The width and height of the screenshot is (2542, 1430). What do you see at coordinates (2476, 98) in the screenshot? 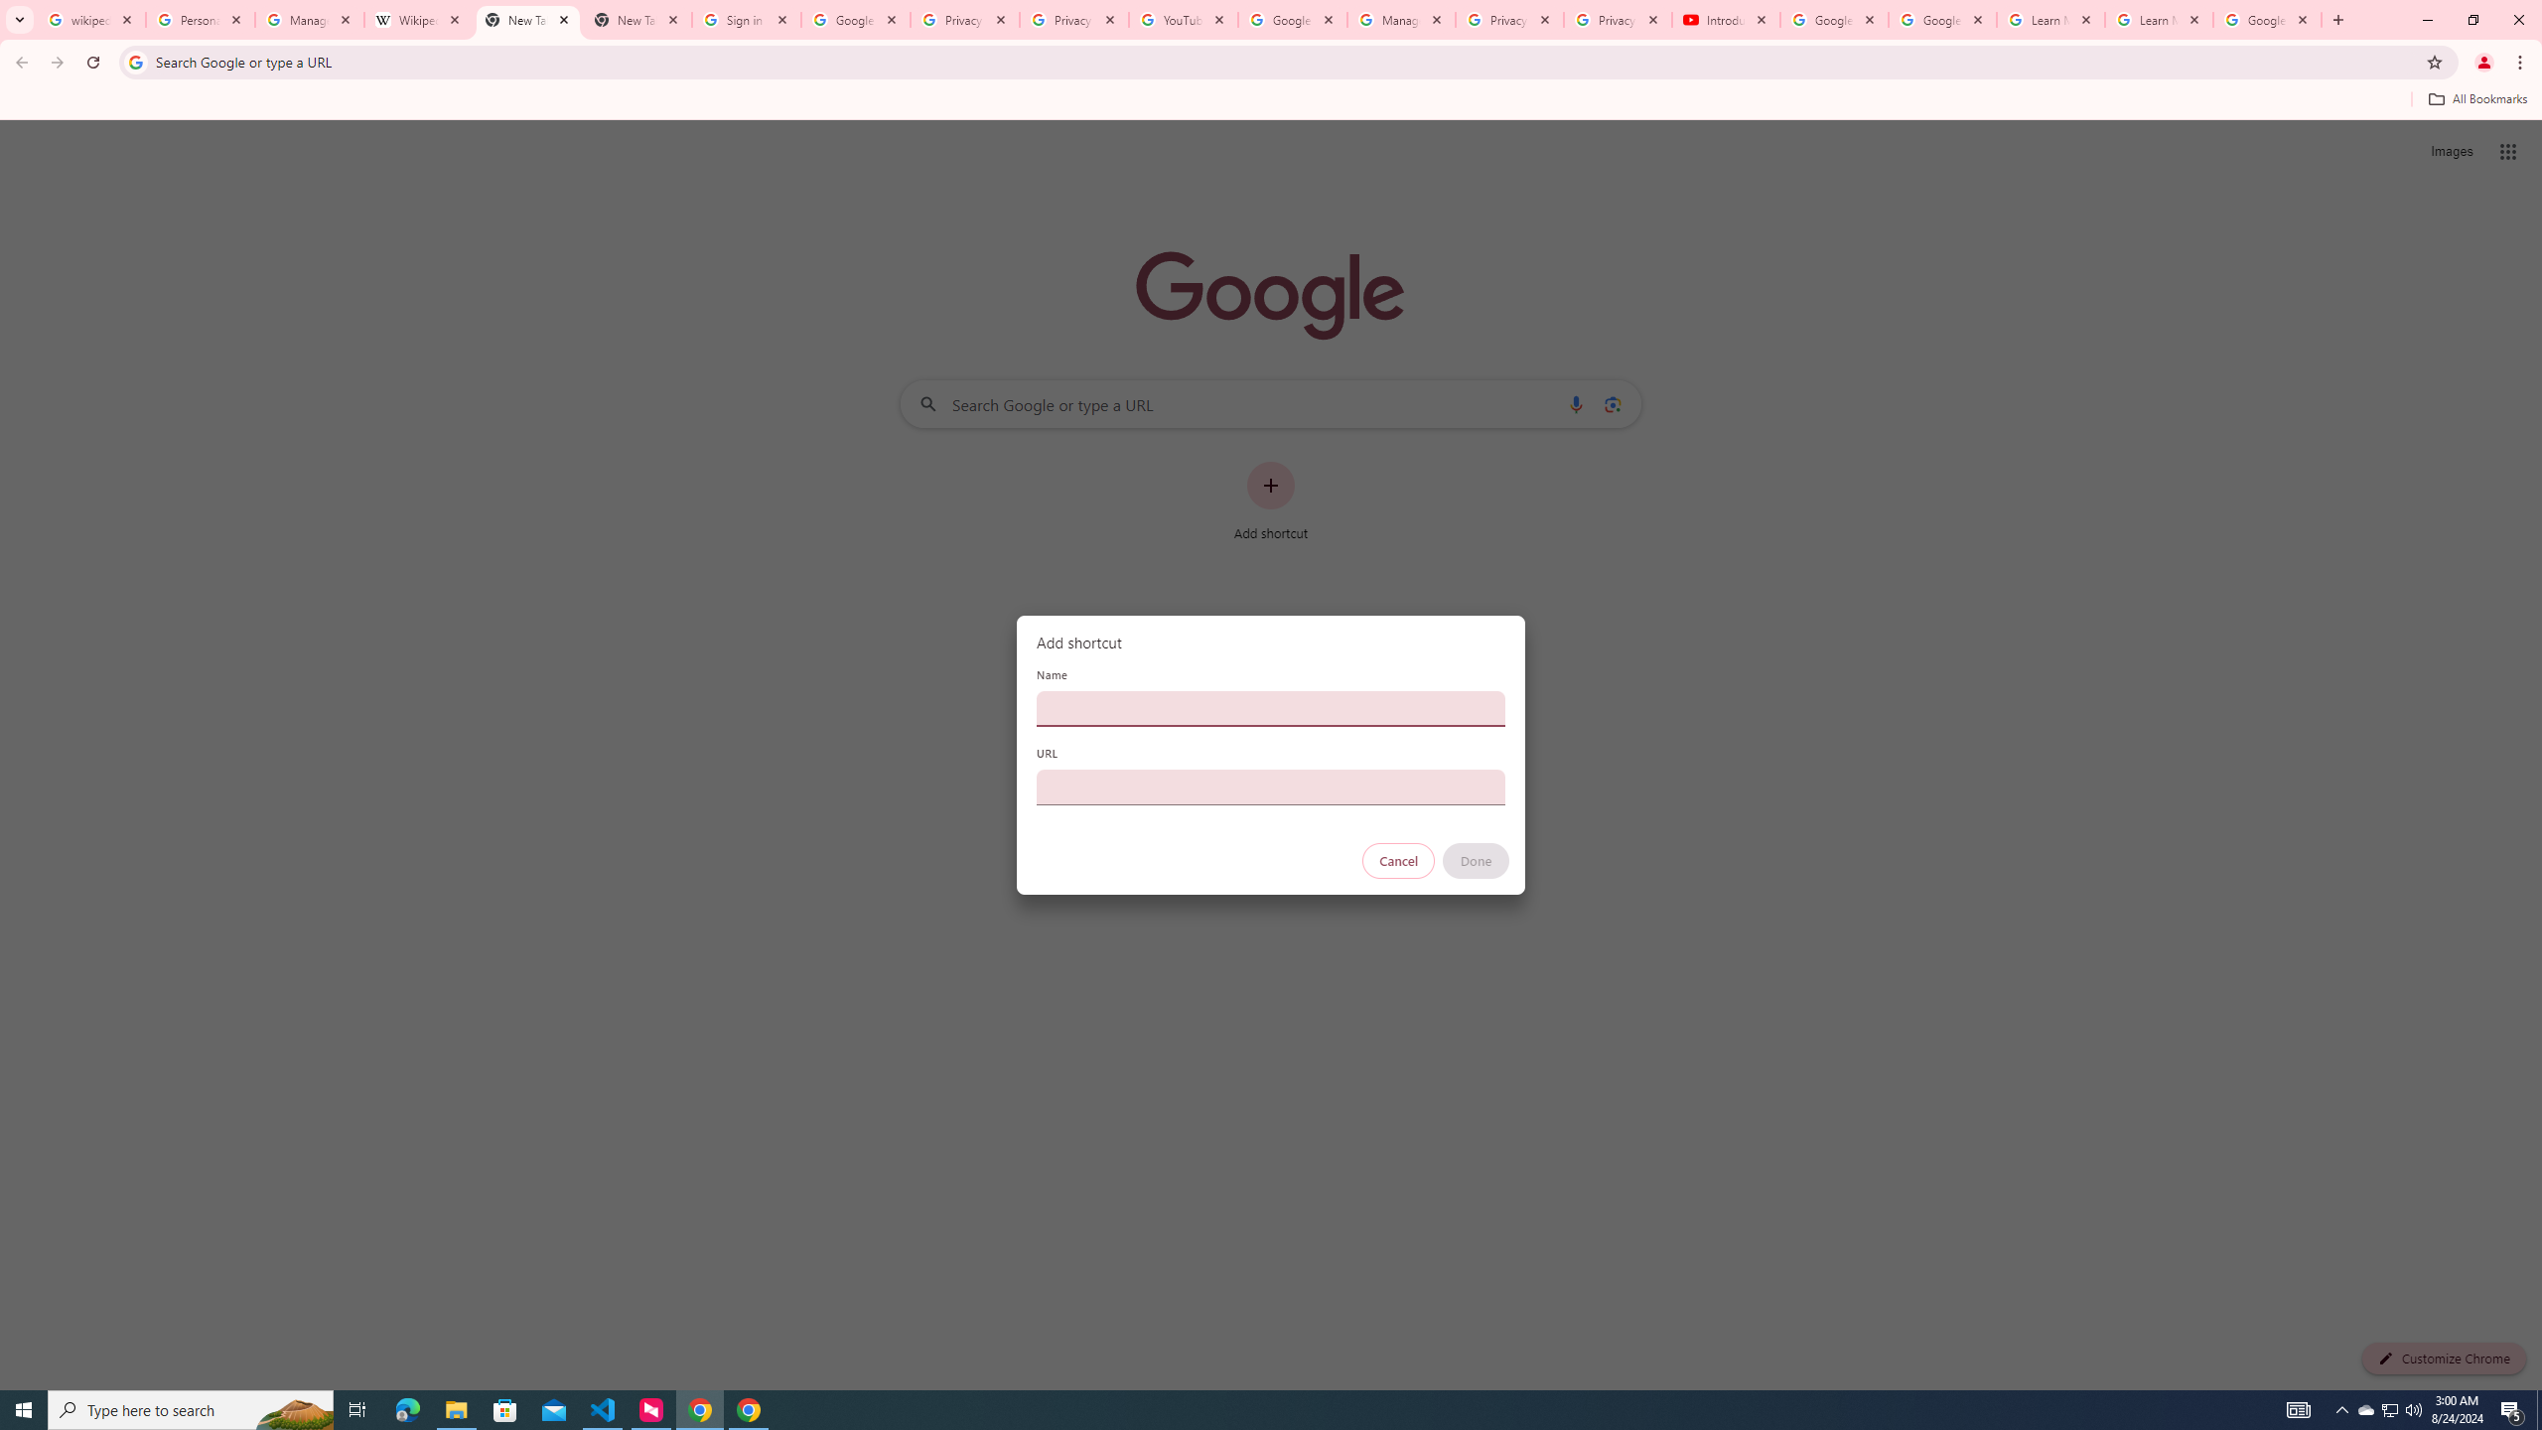
I see `'All Bookmarks'` at bounding box center [2476, 98].